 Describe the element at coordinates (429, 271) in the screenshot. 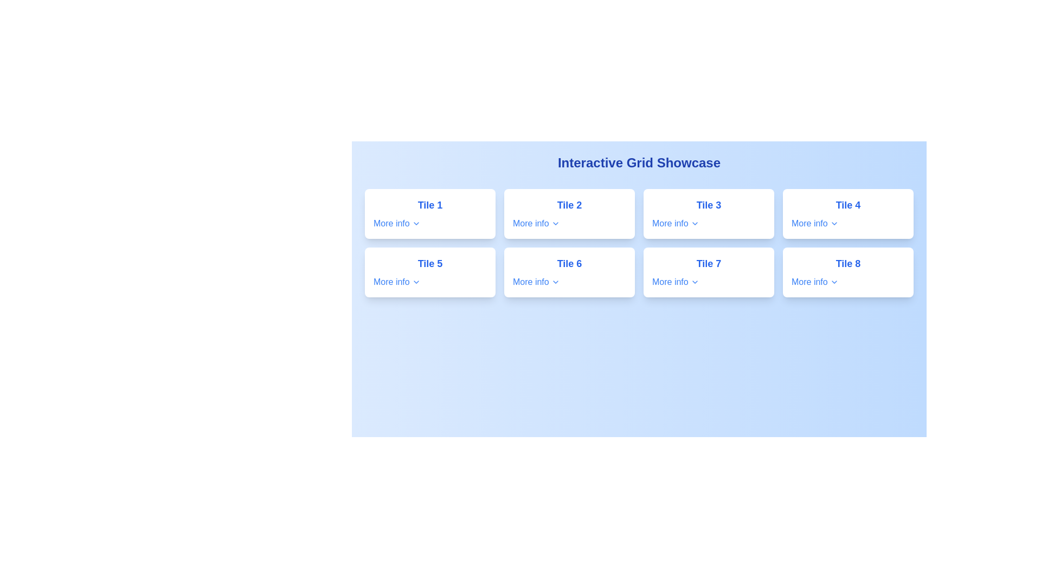

I see `the white tile labeled 'Tile 5' with a blue bold text and a smaller blue link text 'More info' to trigger a visual effect` at that location.